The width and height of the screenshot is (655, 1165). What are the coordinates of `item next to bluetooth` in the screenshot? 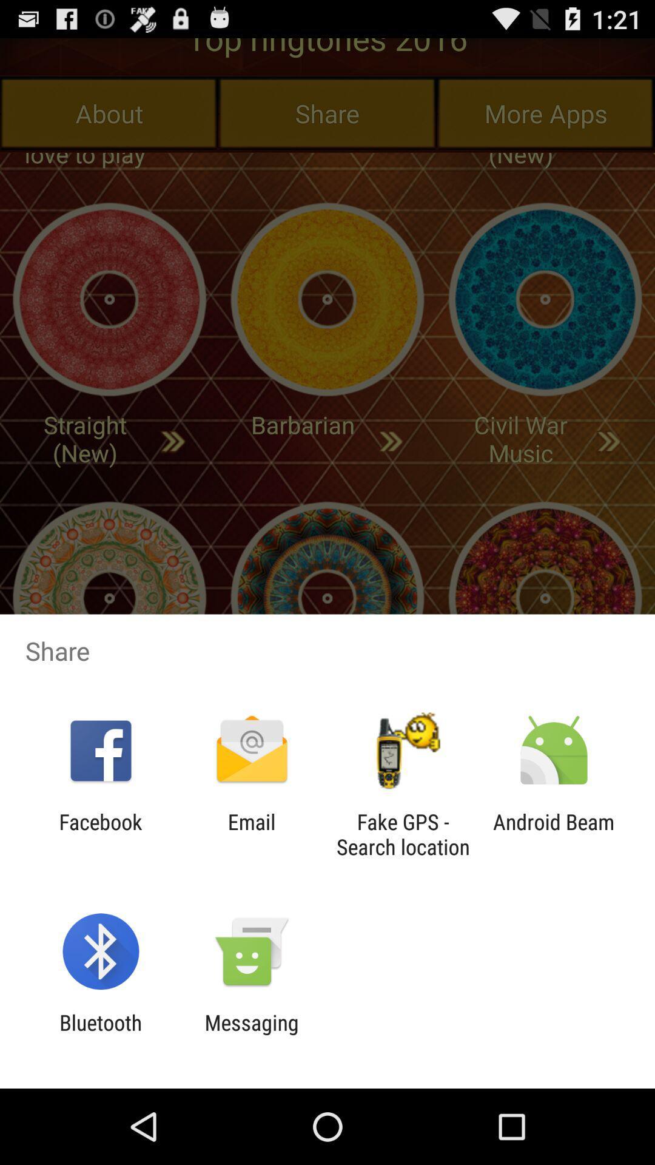 It's located at (251, 1035).